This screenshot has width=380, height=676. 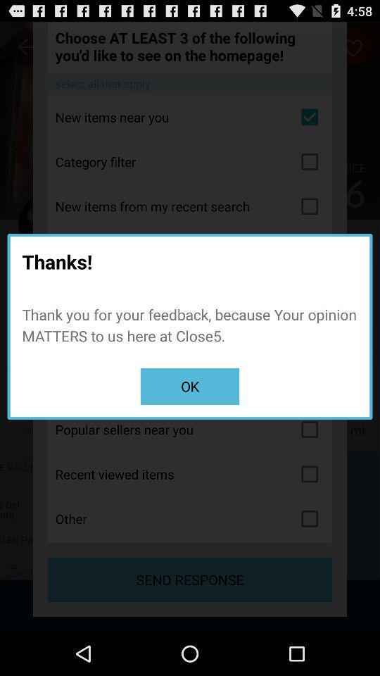 What do you see at coordinates (190, 387) in the screenshot?
I see `the icon below the thank you for icon` at bounding box center [190, 387].